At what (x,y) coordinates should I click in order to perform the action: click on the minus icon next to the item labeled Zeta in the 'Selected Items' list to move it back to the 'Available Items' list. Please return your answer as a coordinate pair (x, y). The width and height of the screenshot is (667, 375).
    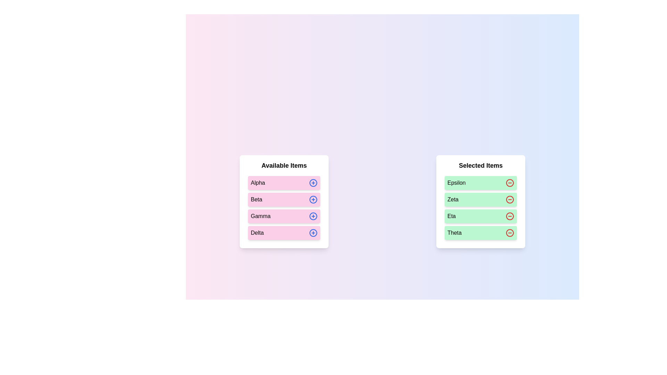
    Looking at the image, I should click on (510, 199).